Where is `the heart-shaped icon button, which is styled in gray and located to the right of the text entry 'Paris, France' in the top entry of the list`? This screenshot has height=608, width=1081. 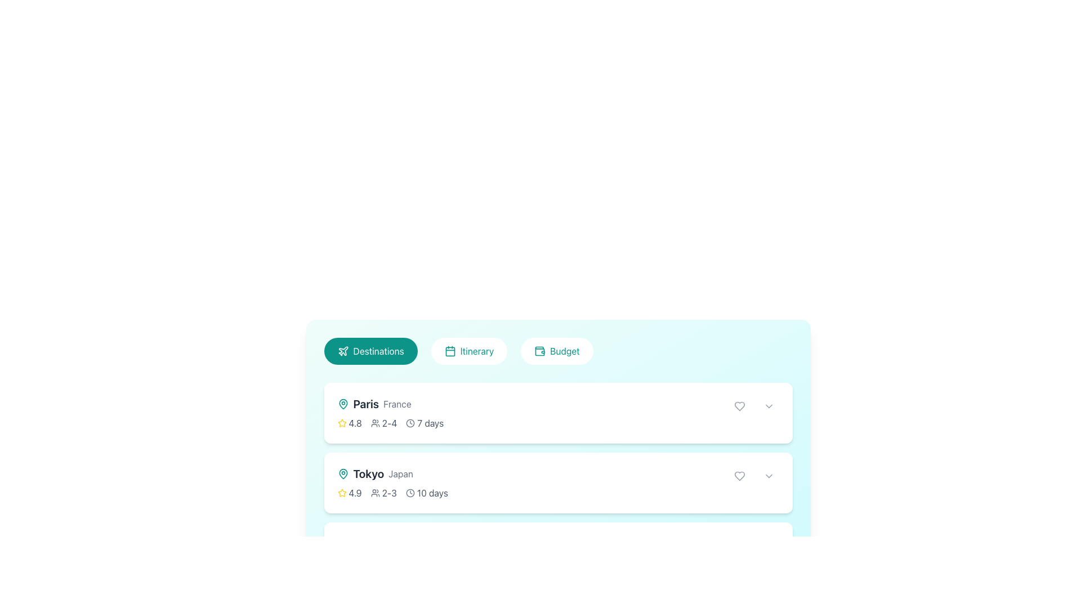
the heart-shaped icon button, which is styled in gray and located to the right of the text entry 'Paris, France' in the top entry of the list is located at coordinates (739, 406).